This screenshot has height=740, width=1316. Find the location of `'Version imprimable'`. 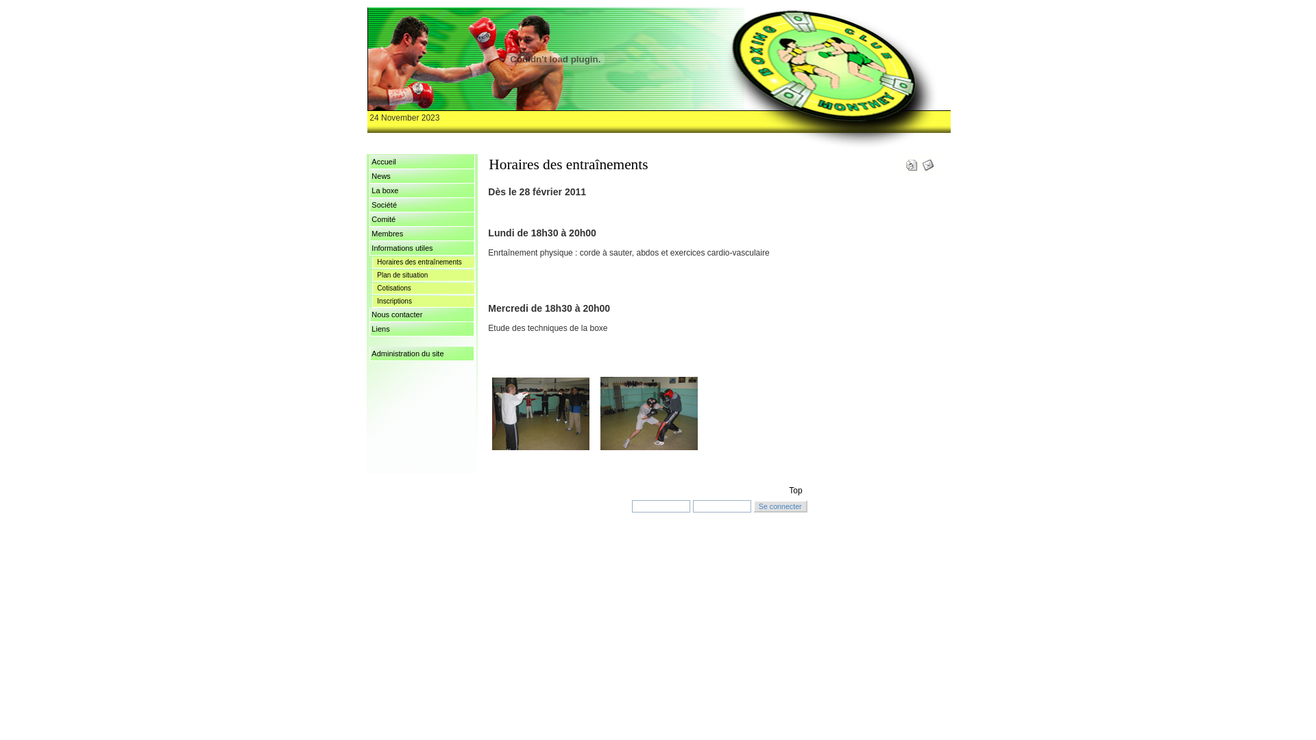

'Version imprimable' is located at coordinates (905, 161).